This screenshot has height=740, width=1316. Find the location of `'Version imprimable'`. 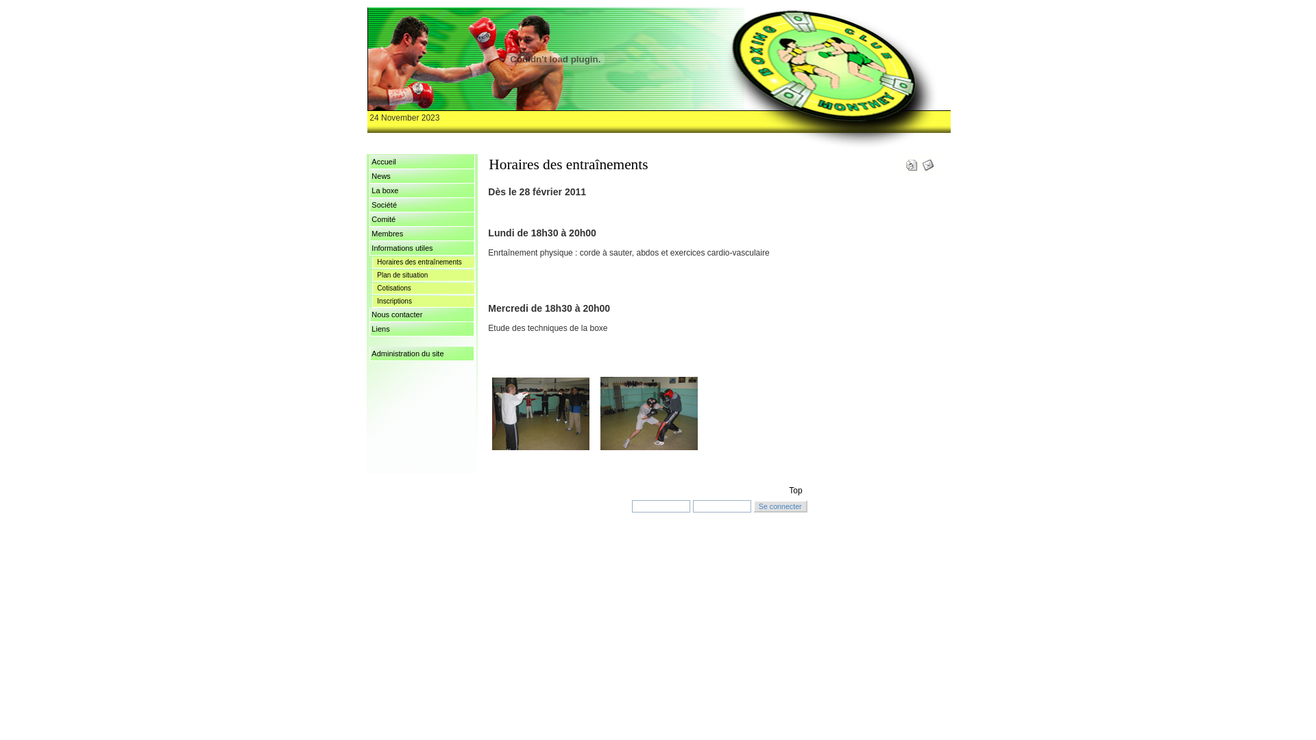

'Version imprimable' is located at coordinates (905, 161).